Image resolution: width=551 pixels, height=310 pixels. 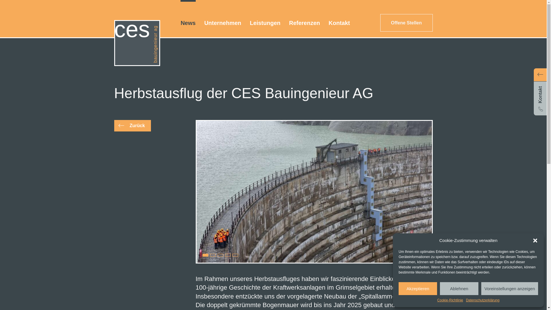 What do you see at coordinates (265, 23) in the screenshot?
I see `'Leistungen'` at bounding box center [265, 23].